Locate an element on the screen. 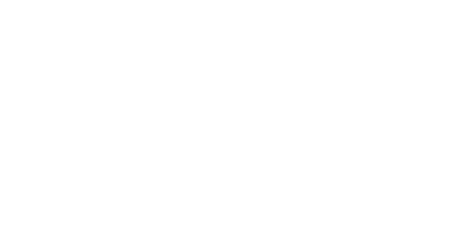 This screenshot has height=251, width=451. '505.727.1100' is located at coordinates (432, 225).